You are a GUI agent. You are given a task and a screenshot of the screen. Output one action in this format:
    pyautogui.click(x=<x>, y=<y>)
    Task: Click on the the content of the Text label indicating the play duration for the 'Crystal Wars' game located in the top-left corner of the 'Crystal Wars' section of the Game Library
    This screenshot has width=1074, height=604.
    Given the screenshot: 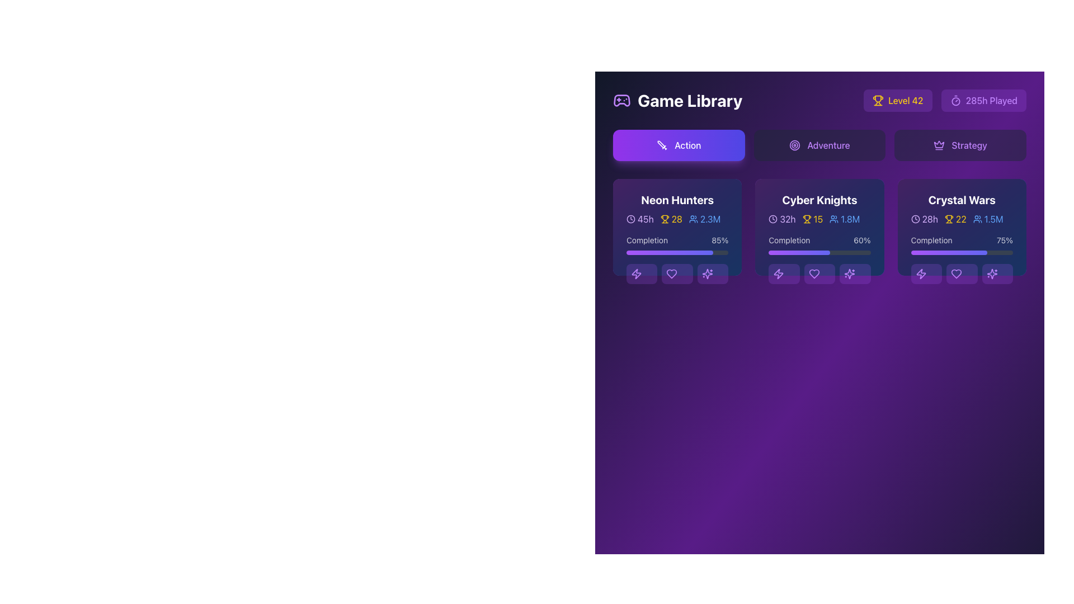 What is the action you would take?
    pyautogui.click(x=924, y=219)
    